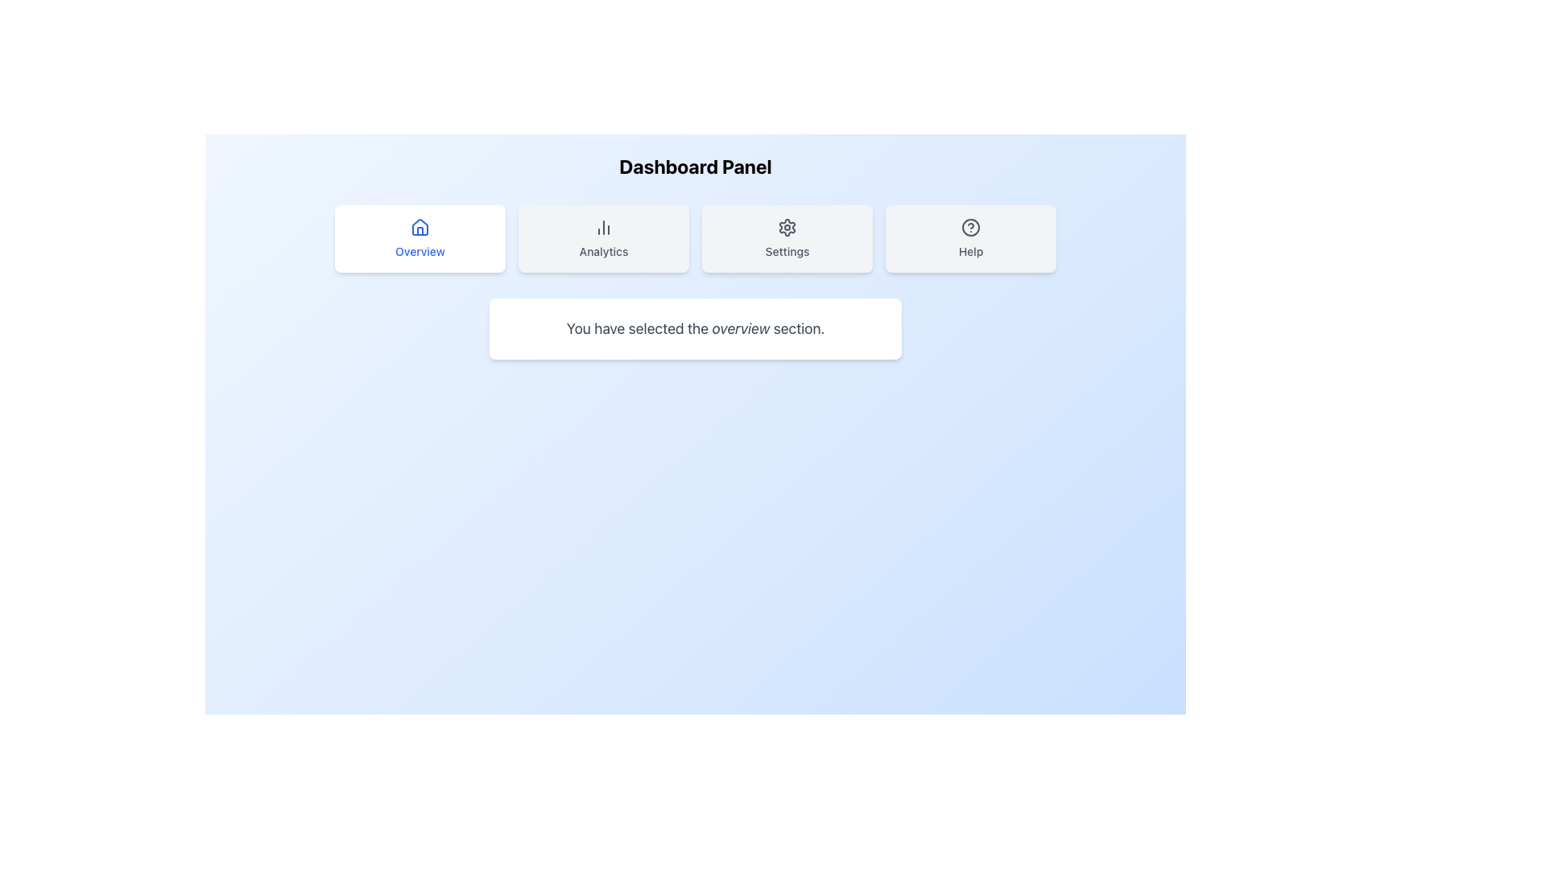 This screenshot has height=869, width=1546. Describe the element at coordinates (420, 231) in the screenshot. I see `the vertical rectangle representing the door within the house icon of the 'Overview' navigation button` at that location.